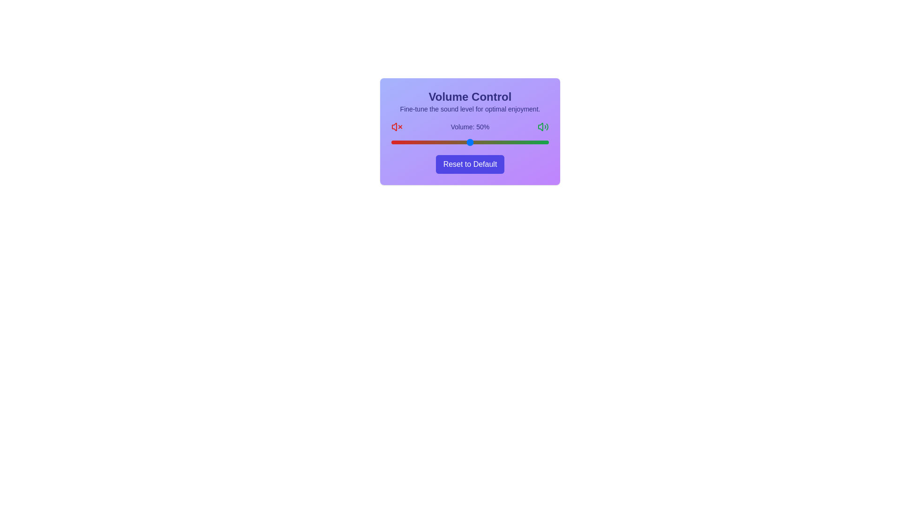 This screenshot has height=506, width=900. I want to click on the volume slider to set the volume to 80%, so click(517, 142).